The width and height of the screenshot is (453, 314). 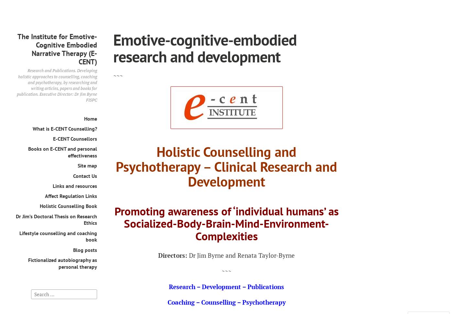 I want to click on 'Holistic Counselling Book', so click(x=40, y=205).